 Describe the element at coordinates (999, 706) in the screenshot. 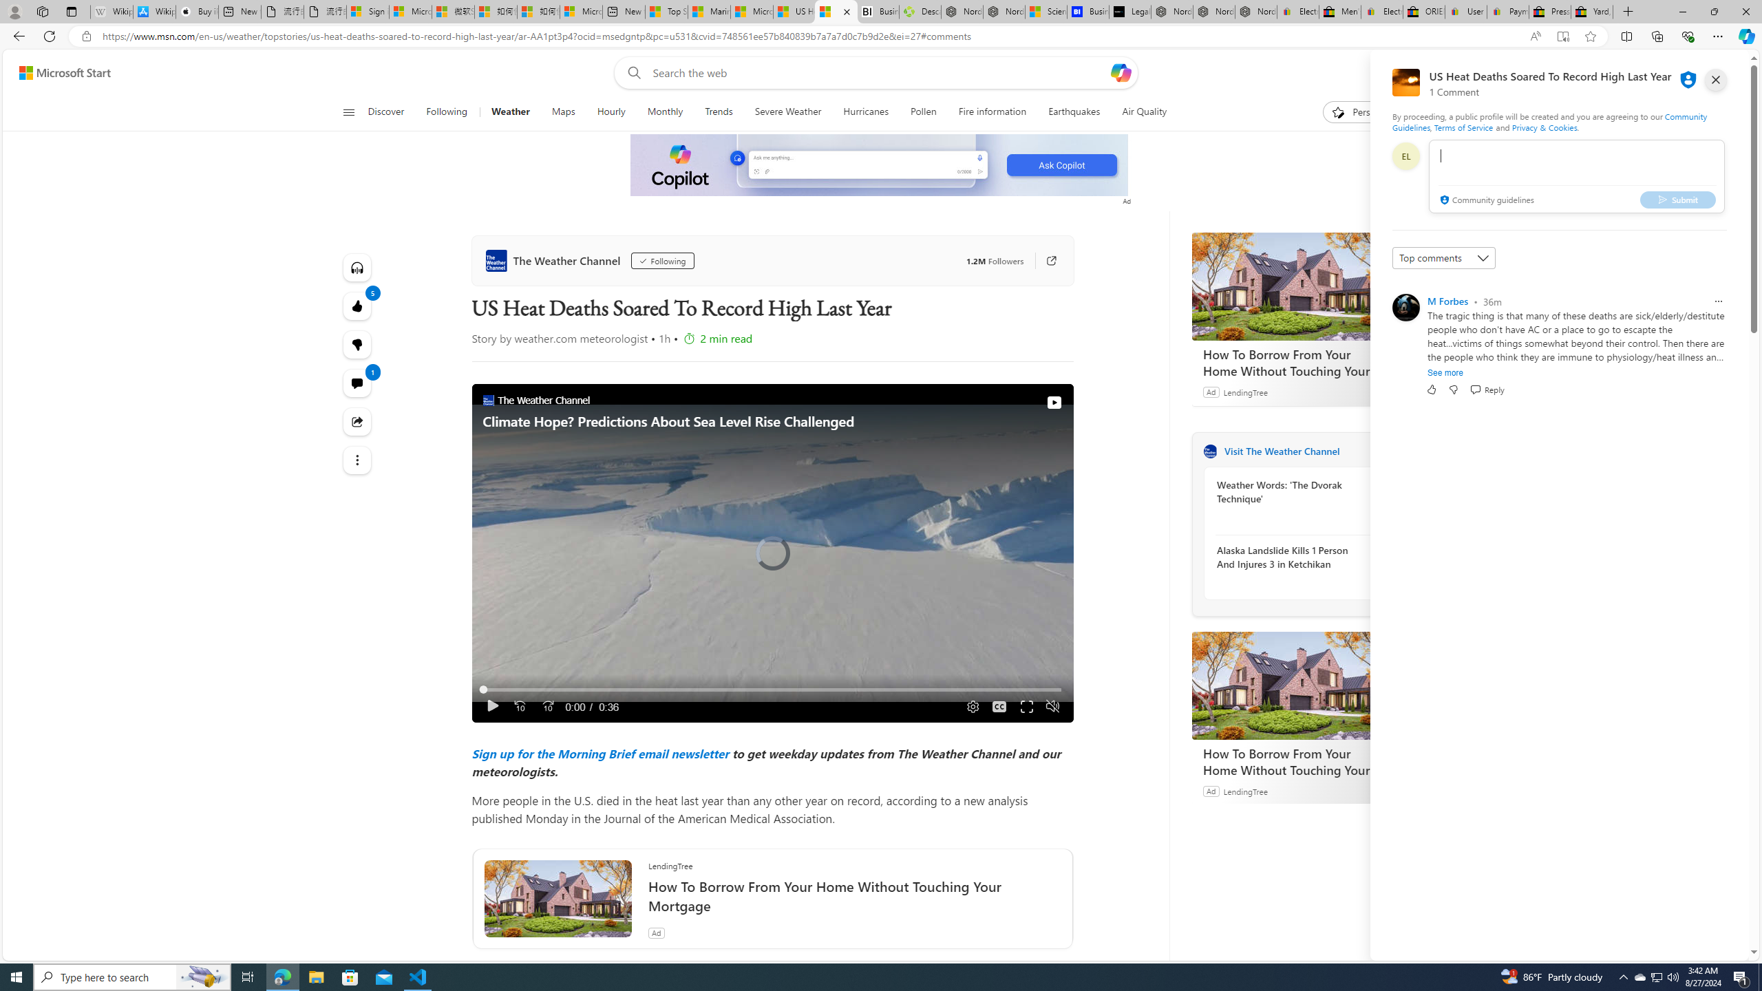

I see `'Captions'` at that location.